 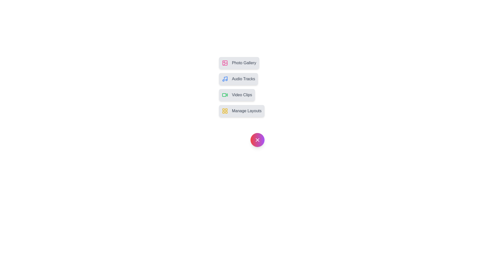 I want to click on the pink-tinted diagonal line segment of the SVG element that is part of the 'Photo Gallery' icon, located in the upper-left section of the categorized functionalities list, so click(x=225, y=64).